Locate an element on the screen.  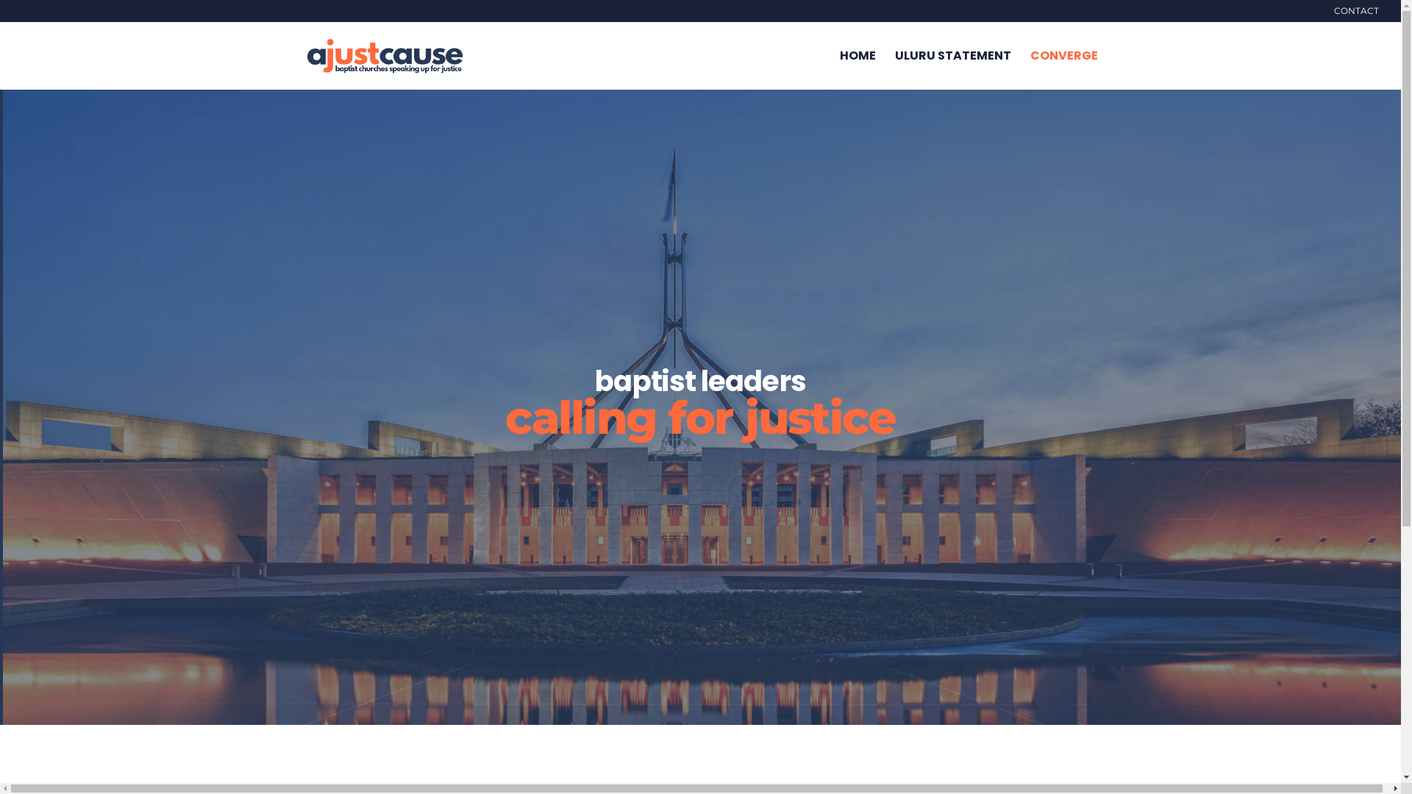
'CONTACT' is located at coordinates (1334, 14).